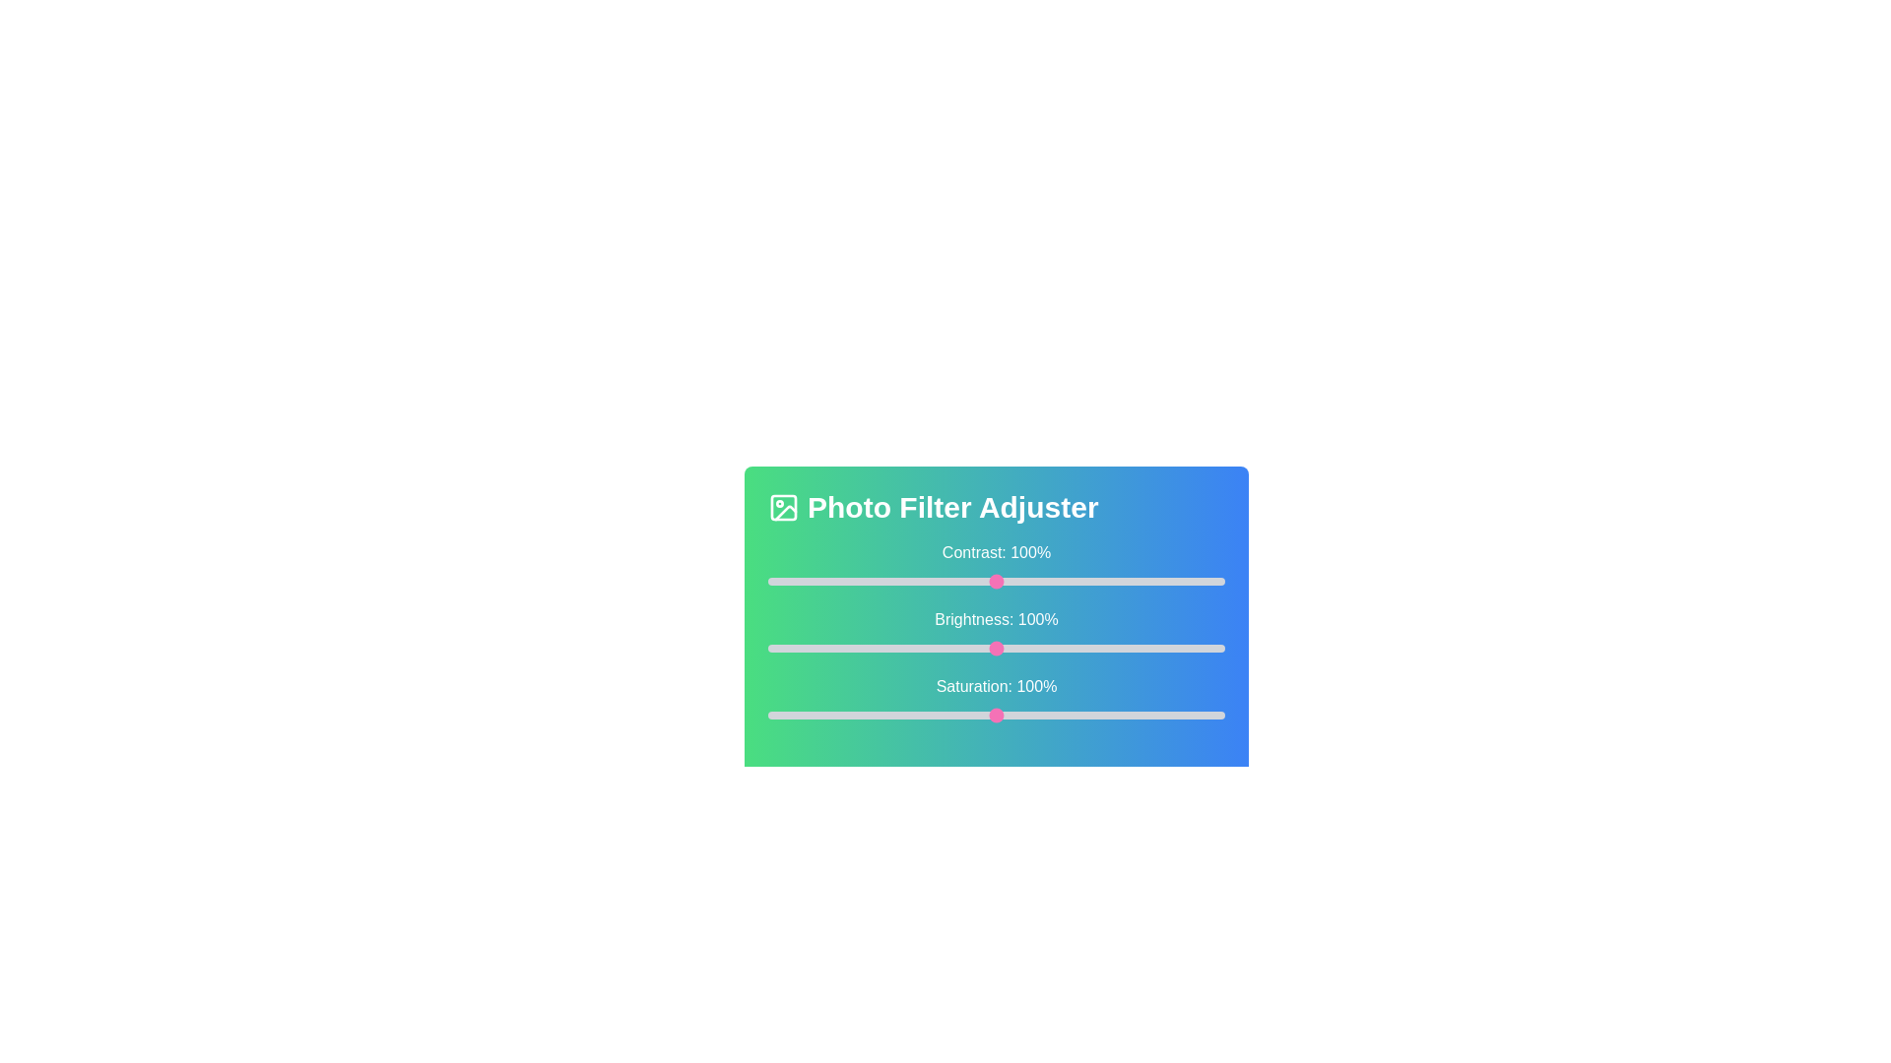 The height and width of the screenshot is (1063, 1891). Describe the element at coordinates (852, 715) in the screenshot. I see `the saturation slider to 37%` at that location.